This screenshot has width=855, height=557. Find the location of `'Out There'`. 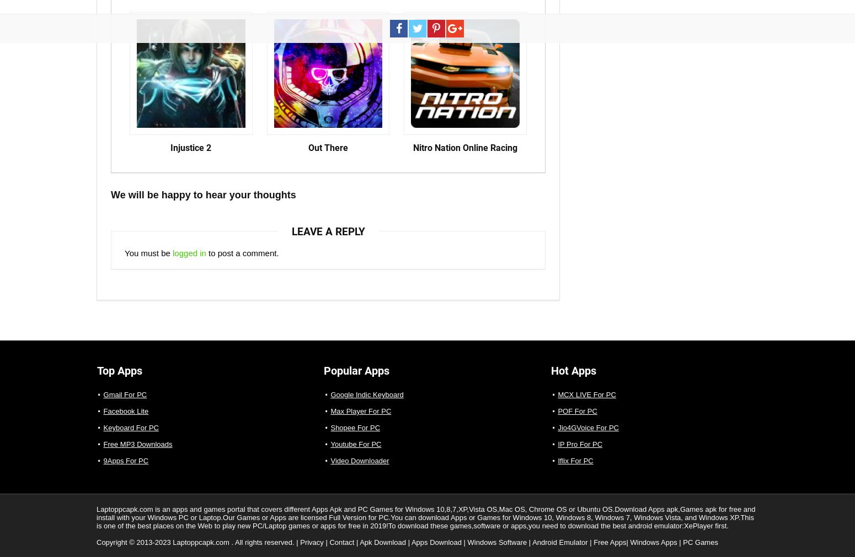

'Out There' is located at coordinates (327, 147).